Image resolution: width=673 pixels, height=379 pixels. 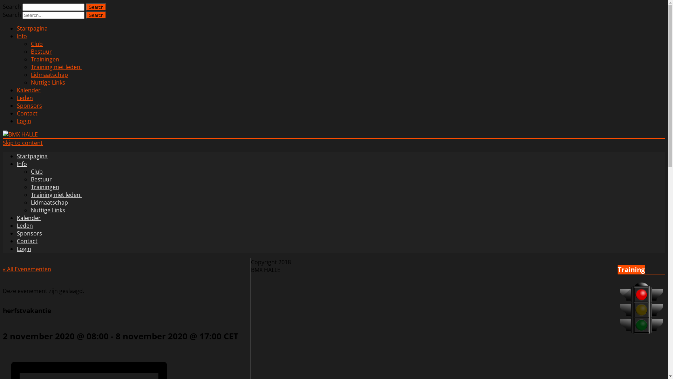 What do you see at coordinates (3, 142) in the screenshot?
I see `'Skip to content'` at bounding box center [3, 142].